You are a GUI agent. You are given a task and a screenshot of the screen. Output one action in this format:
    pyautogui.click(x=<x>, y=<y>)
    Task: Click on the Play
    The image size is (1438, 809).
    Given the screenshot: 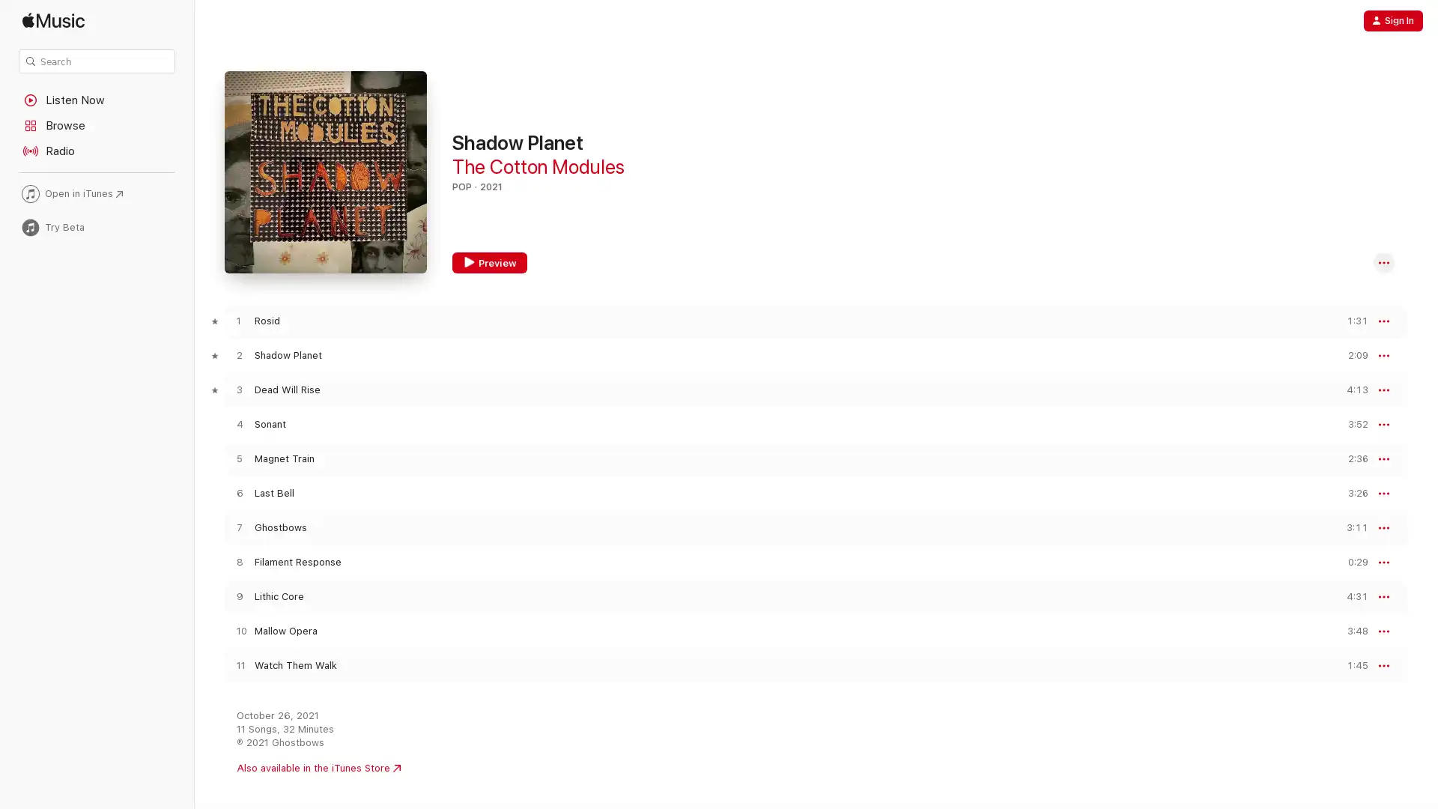 What is the action you would take?
    pyautogui.click(x=238, y=596)
    